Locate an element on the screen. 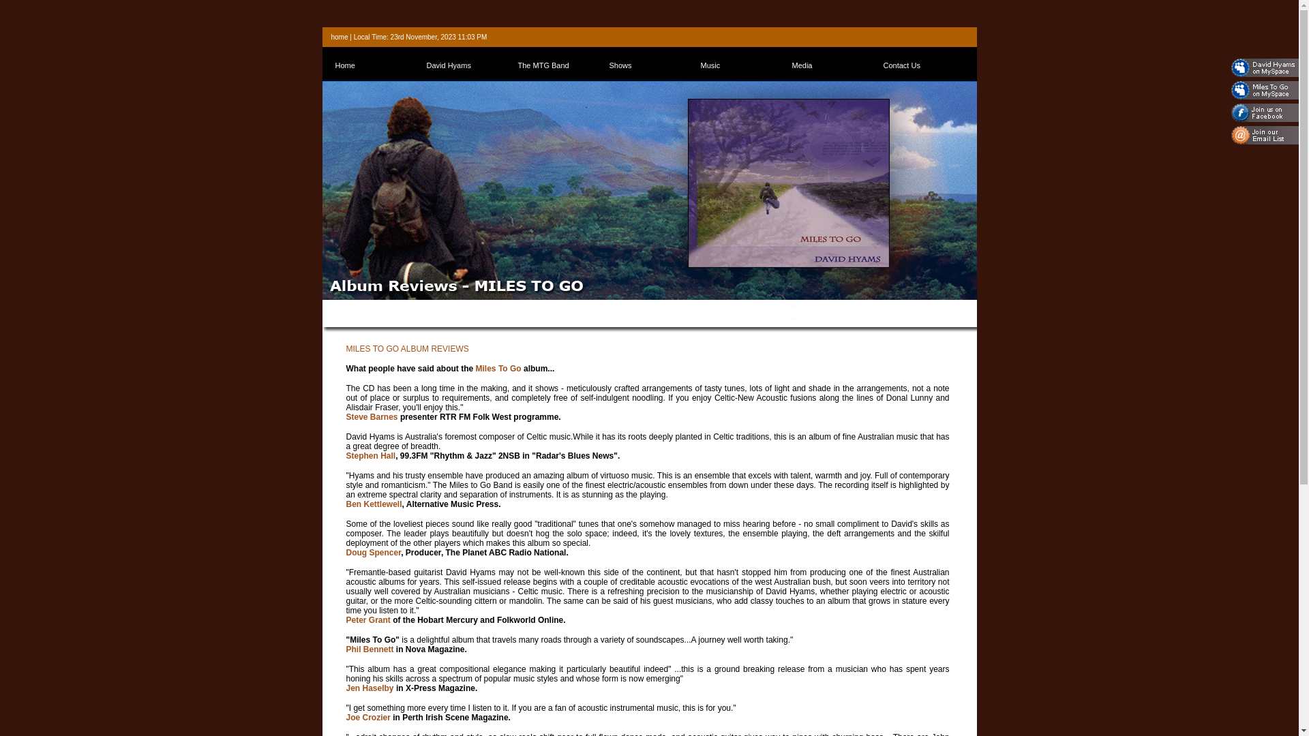  'Music' is located at coordinates (741, 65).